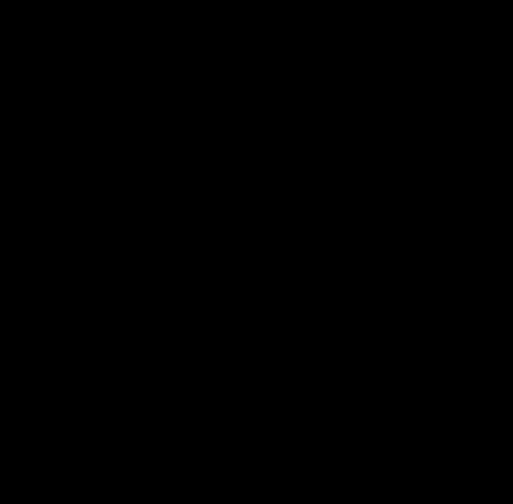  What do you see at coordinates (275, 110) in the screenshot?
I see `'"Jennings Social Media & MarTech has been absolutely everything they presented and more, they are exactly what our organization needed. Valerie and her team developed a digital marketing plan and pushed relentlessly toward our goals. They have taken responsibility for all aspects of the effort and produced real quantifiable results. JSMM keeps us active, relevant, timely and within our space. We could not be happier!"'` at bounding box center [275, 110].